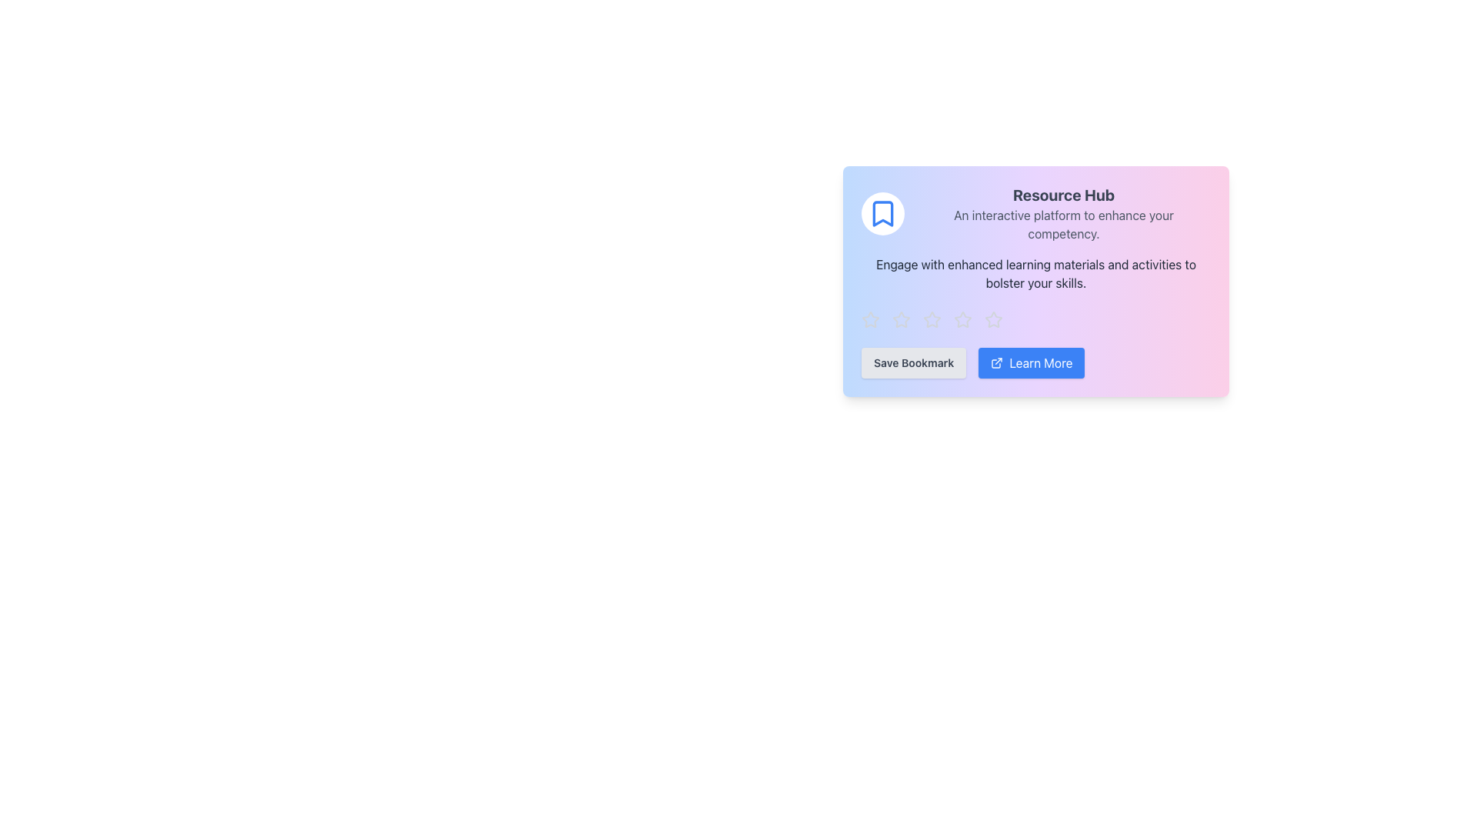 Image resolution: width=1477 pixels, height=831 pixels. I want to click on the second star icon in the 5-star rating system for keyboard navigation, so click(962, 319).